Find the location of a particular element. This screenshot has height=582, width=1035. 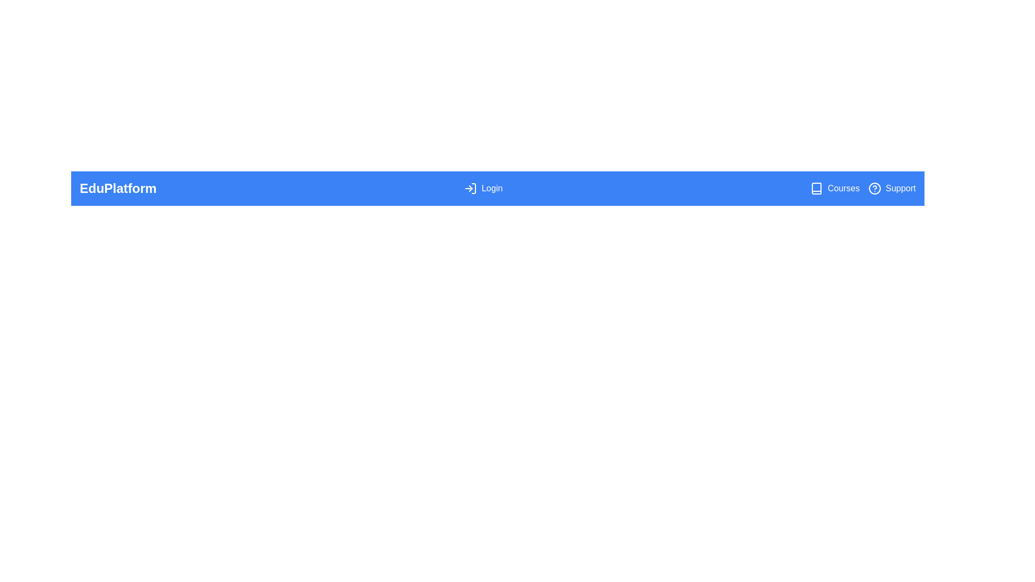

the support/help button located in the top-right corner of the interface, adjacent to the 'Courses' text and icon is located at coordinates (892, 188).